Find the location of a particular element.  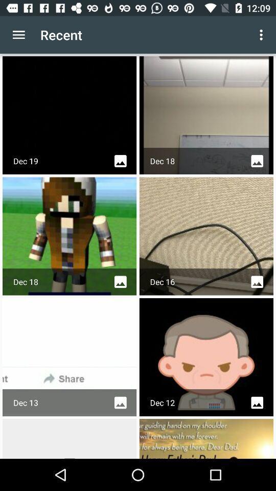

app next to the recent item is located at coordinates (18, 35).